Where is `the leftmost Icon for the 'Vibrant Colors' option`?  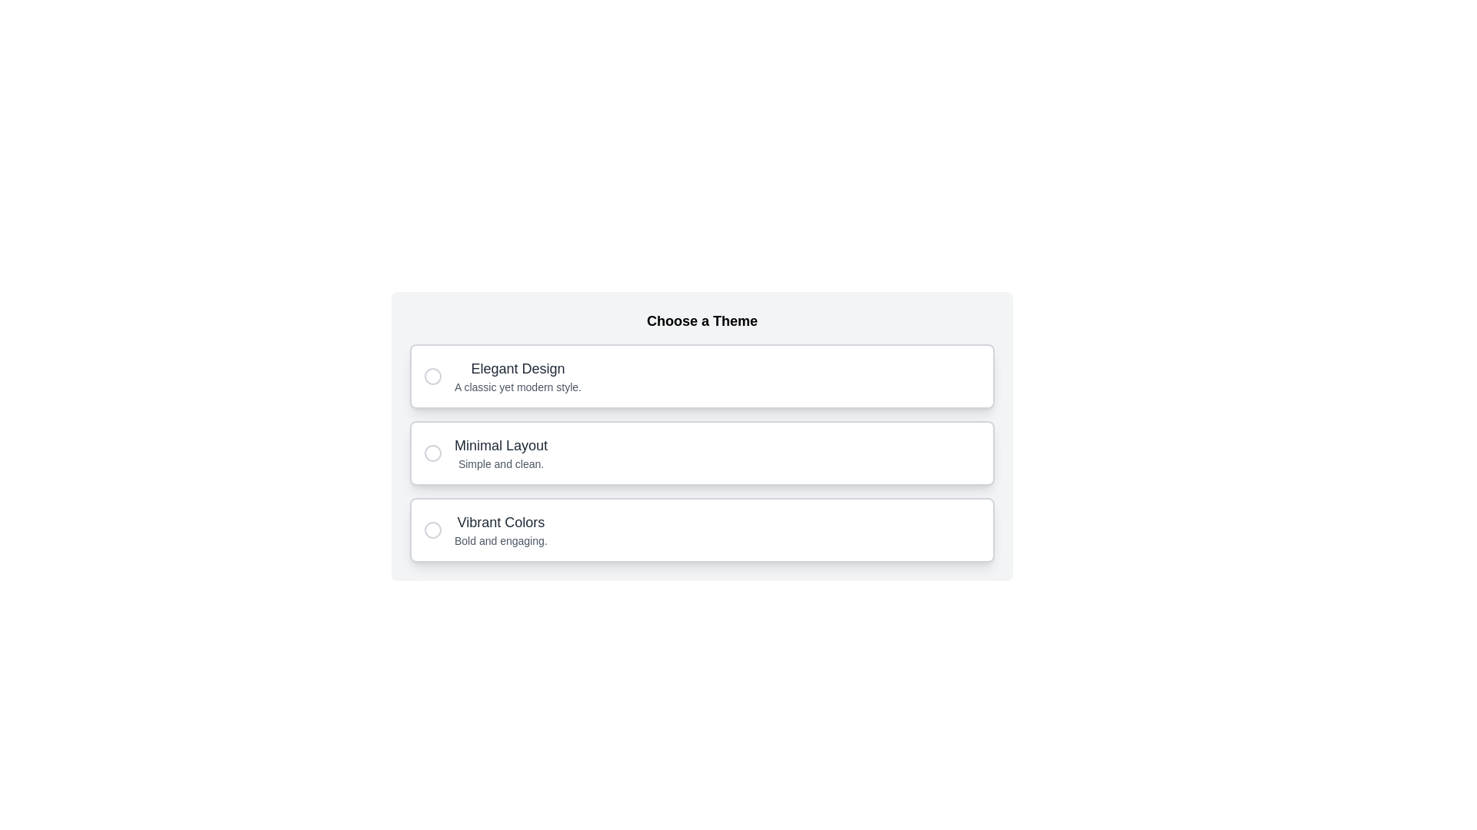
the leftmost Icon for the 'Vibrant Colors' option is located at coordinates (432, 530).